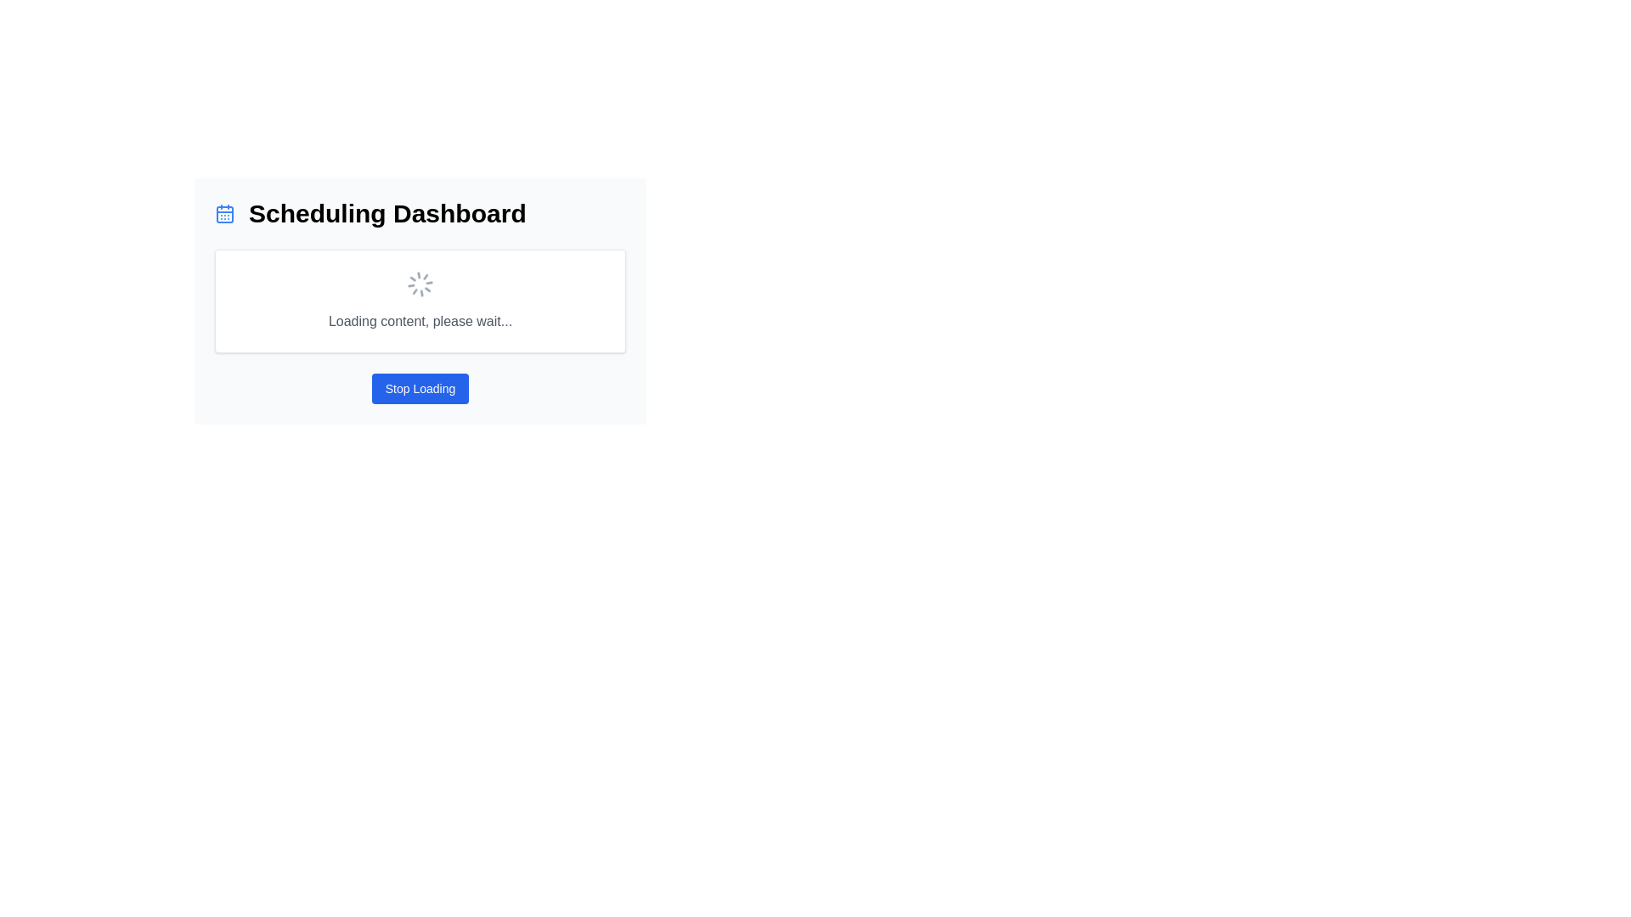  I want to click on the central rounded rectangle graphic element within the calendar icon, which denotes a specific day or section in the Scheduling Dashboard interface, so click(223, 214).